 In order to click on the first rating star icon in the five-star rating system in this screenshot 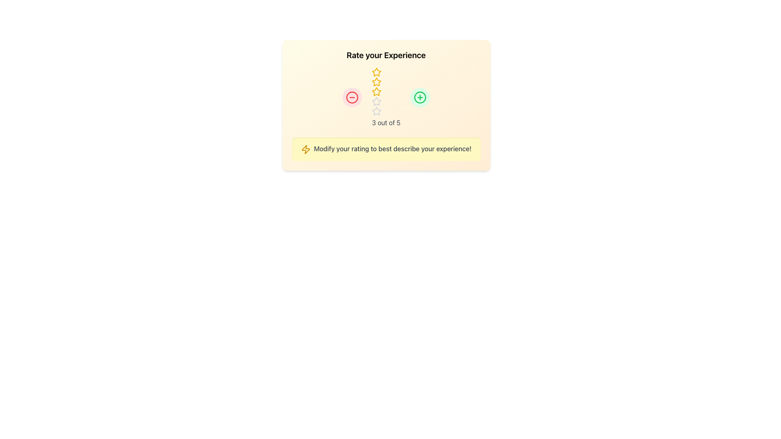, I will do `click(376, 72)`.